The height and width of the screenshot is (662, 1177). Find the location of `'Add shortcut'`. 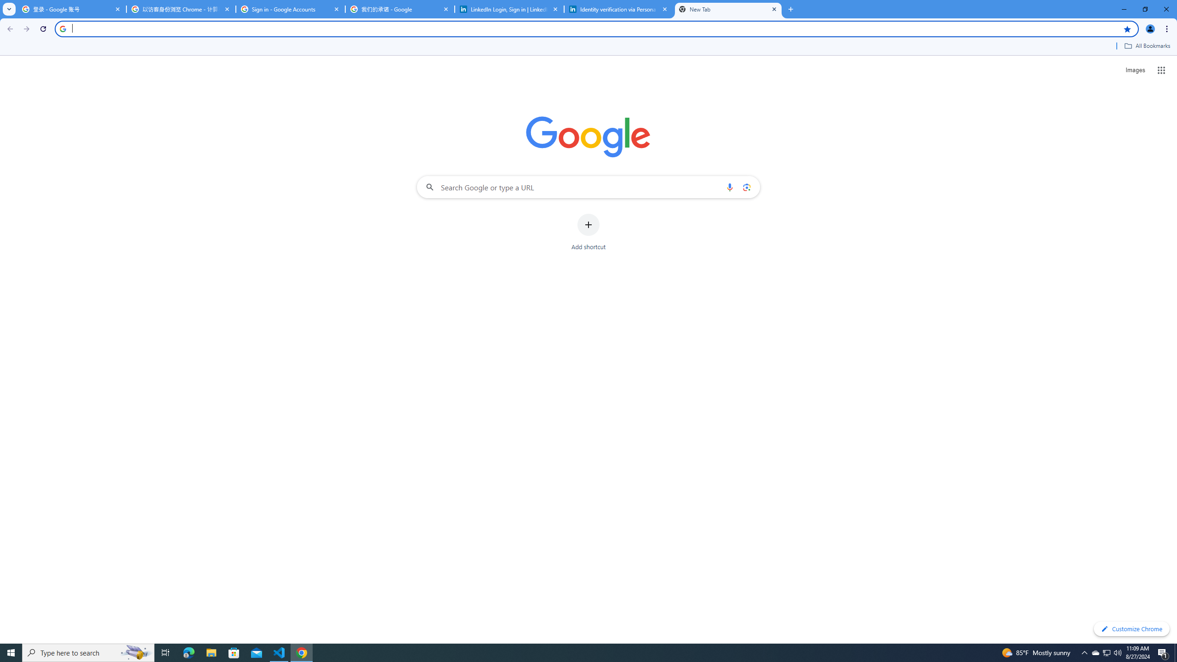

'Add shortcut' is located at coordinates (588, 232).